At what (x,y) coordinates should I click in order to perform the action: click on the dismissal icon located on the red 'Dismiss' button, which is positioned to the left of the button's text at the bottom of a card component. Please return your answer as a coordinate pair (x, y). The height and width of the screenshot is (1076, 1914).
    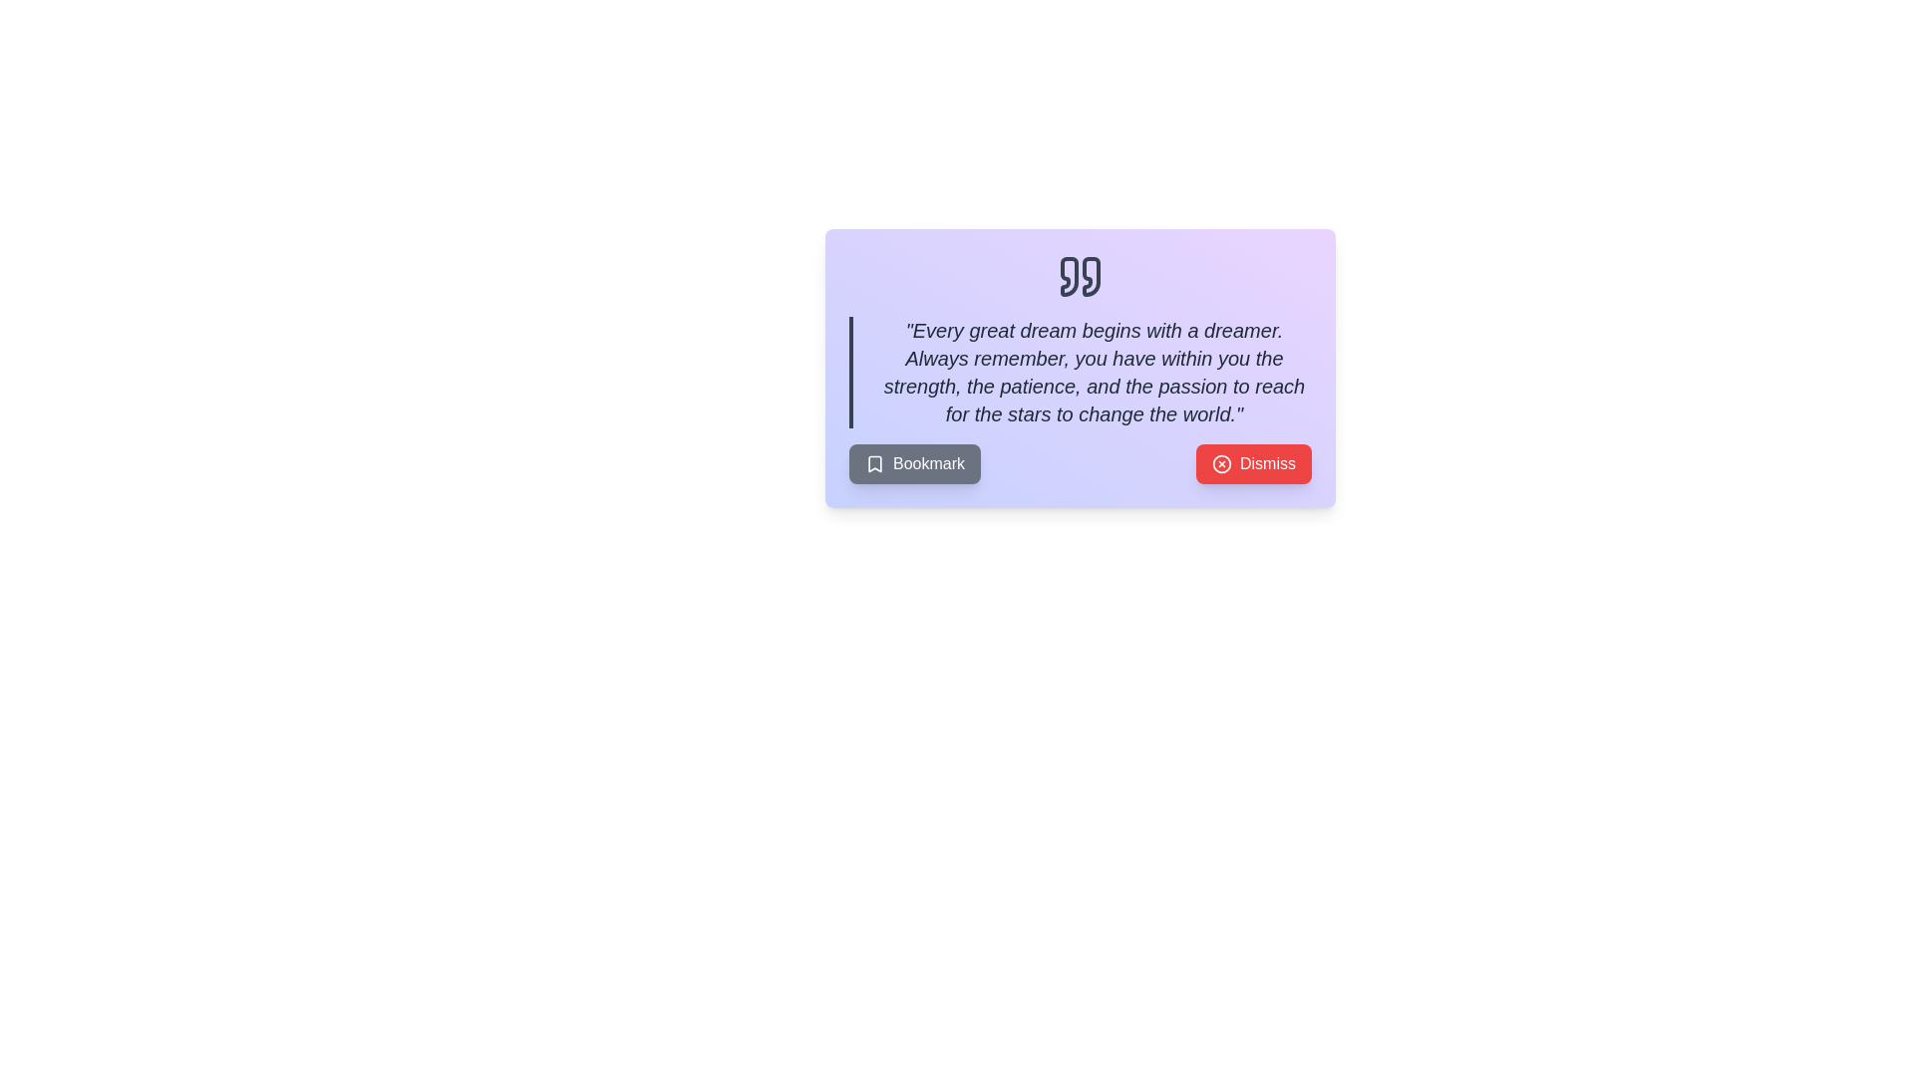
    Looking at the image, I should click on (1220, 464).